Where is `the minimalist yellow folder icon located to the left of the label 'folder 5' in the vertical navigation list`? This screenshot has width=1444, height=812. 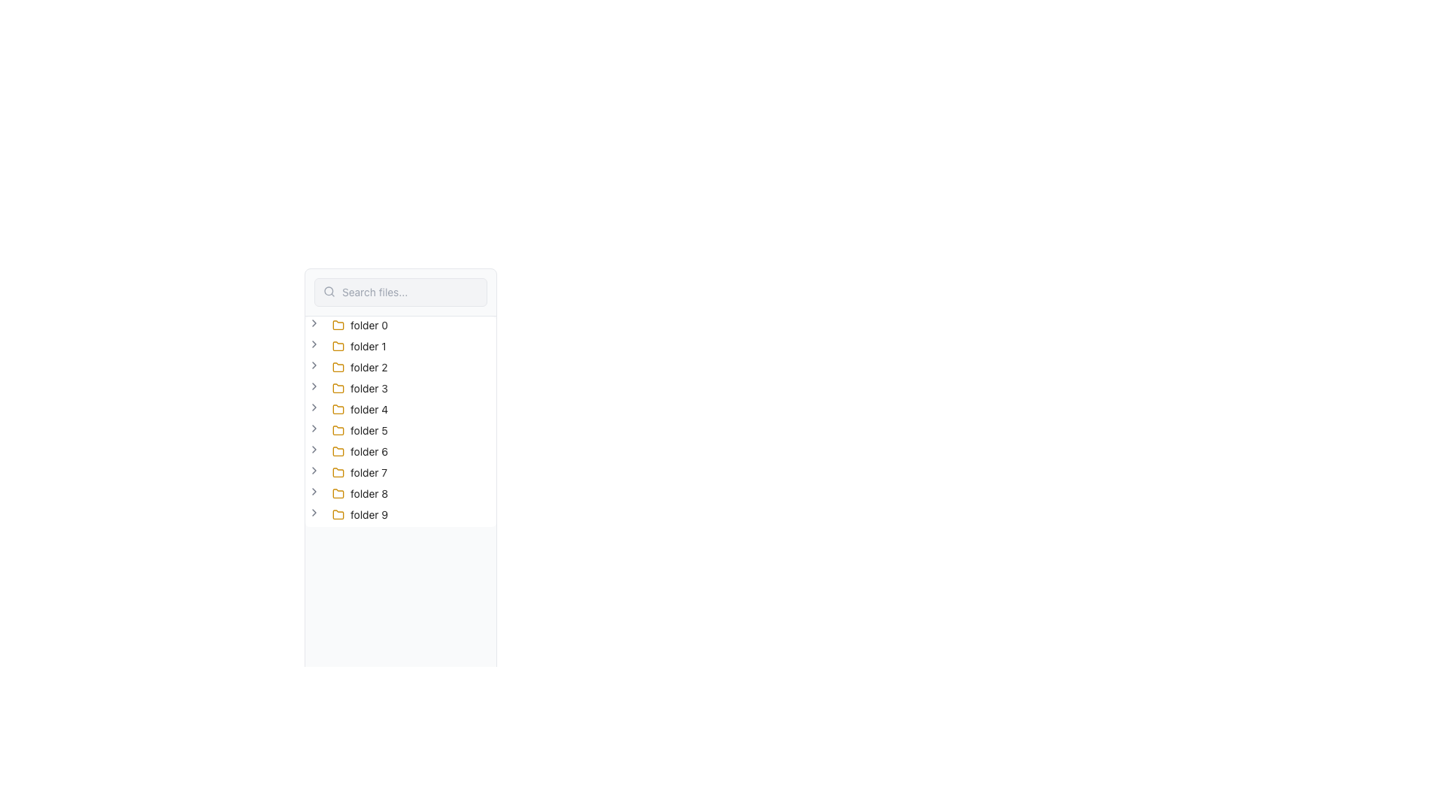
the minimalist yellow folder icon located to the left of the label 'folder 5' in the vertical navigation list is located at coordinates (338, 431).